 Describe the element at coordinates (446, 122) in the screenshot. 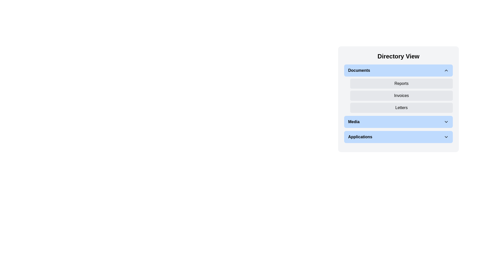

I see `the dropdown indicator icon, which is a downward-facing chevron arrow located to the right of the 'Media' text in a highlighted blue section, to trigger a tooltip or highlight effect` at that location.